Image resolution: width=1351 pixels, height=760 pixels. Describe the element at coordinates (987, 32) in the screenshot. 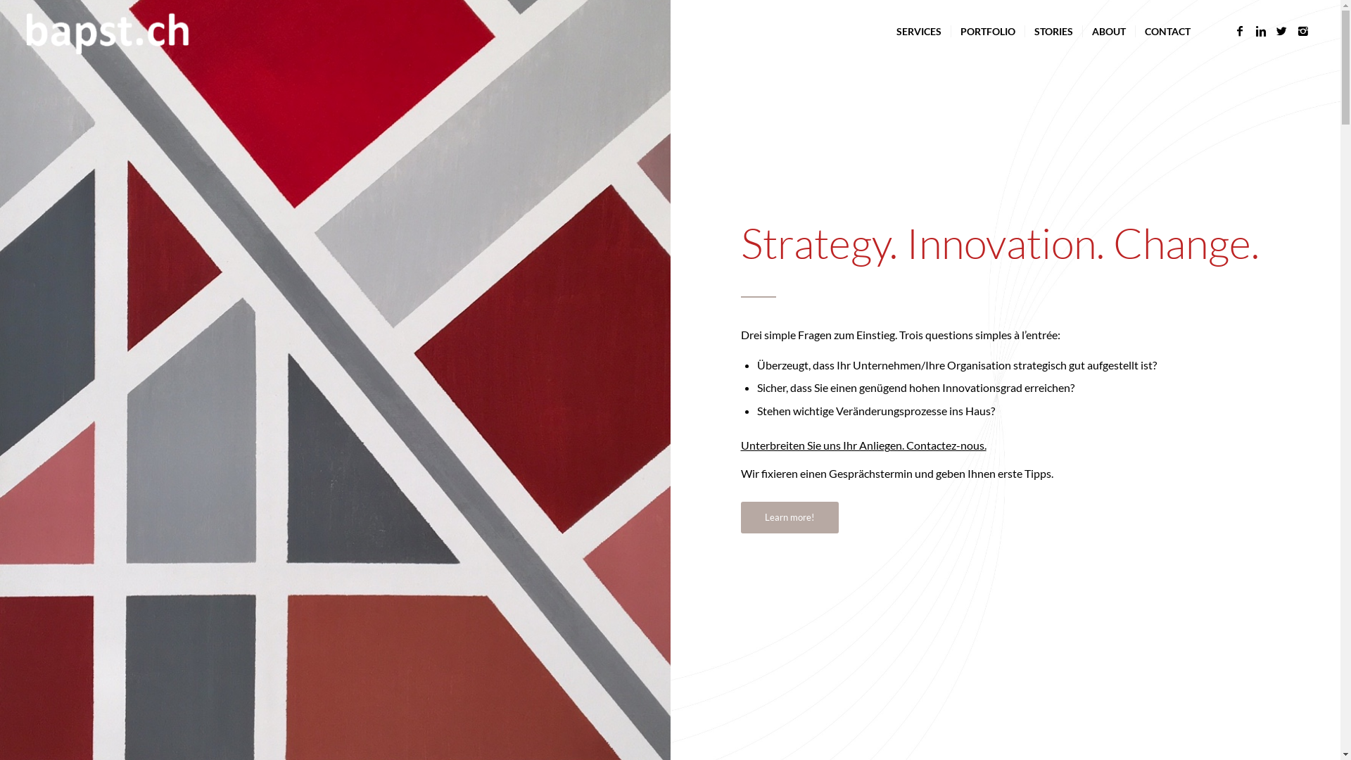

I see `'PORTFOLIO'` at that location.